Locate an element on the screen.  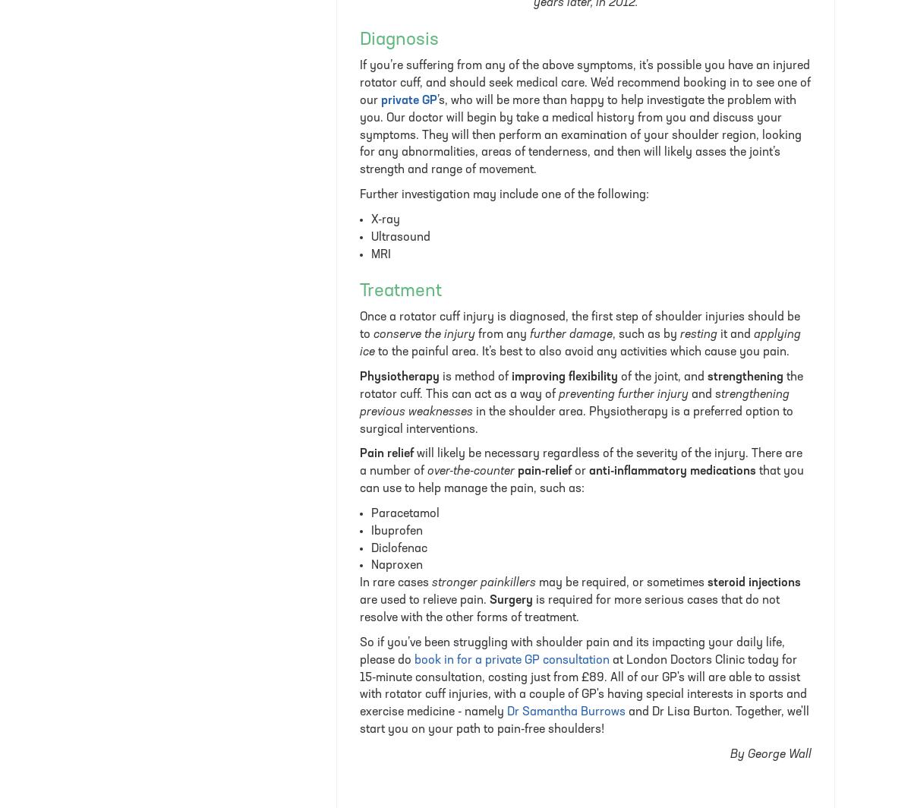
'Ibuprofen' is located at coordinates (396, 531).